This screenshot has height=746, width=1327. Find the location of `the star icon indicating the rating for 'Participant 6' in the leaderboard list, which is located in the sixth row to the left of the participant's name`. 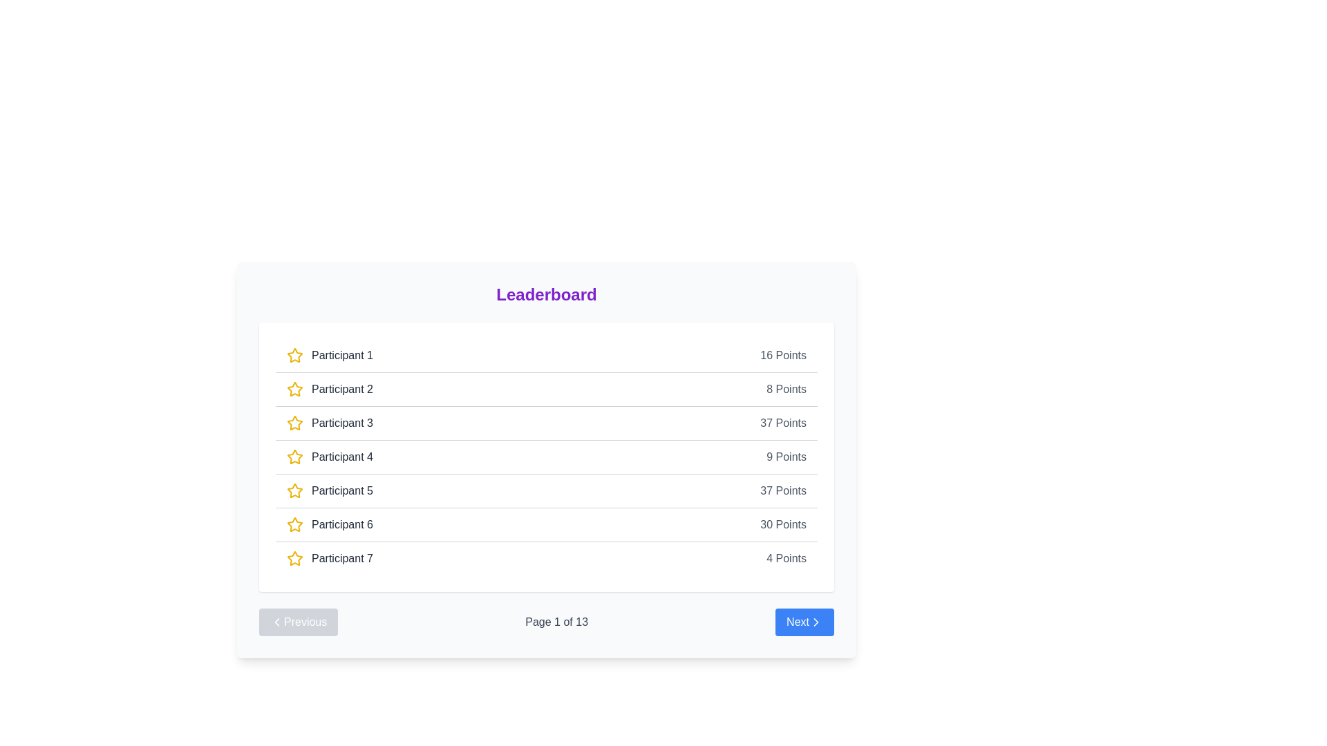

the star icon indicating the rating for 'Participant 6' in the leaderboard list, which is located in the sixth row to the left of the participant's name is located at coordinates (294, 524).